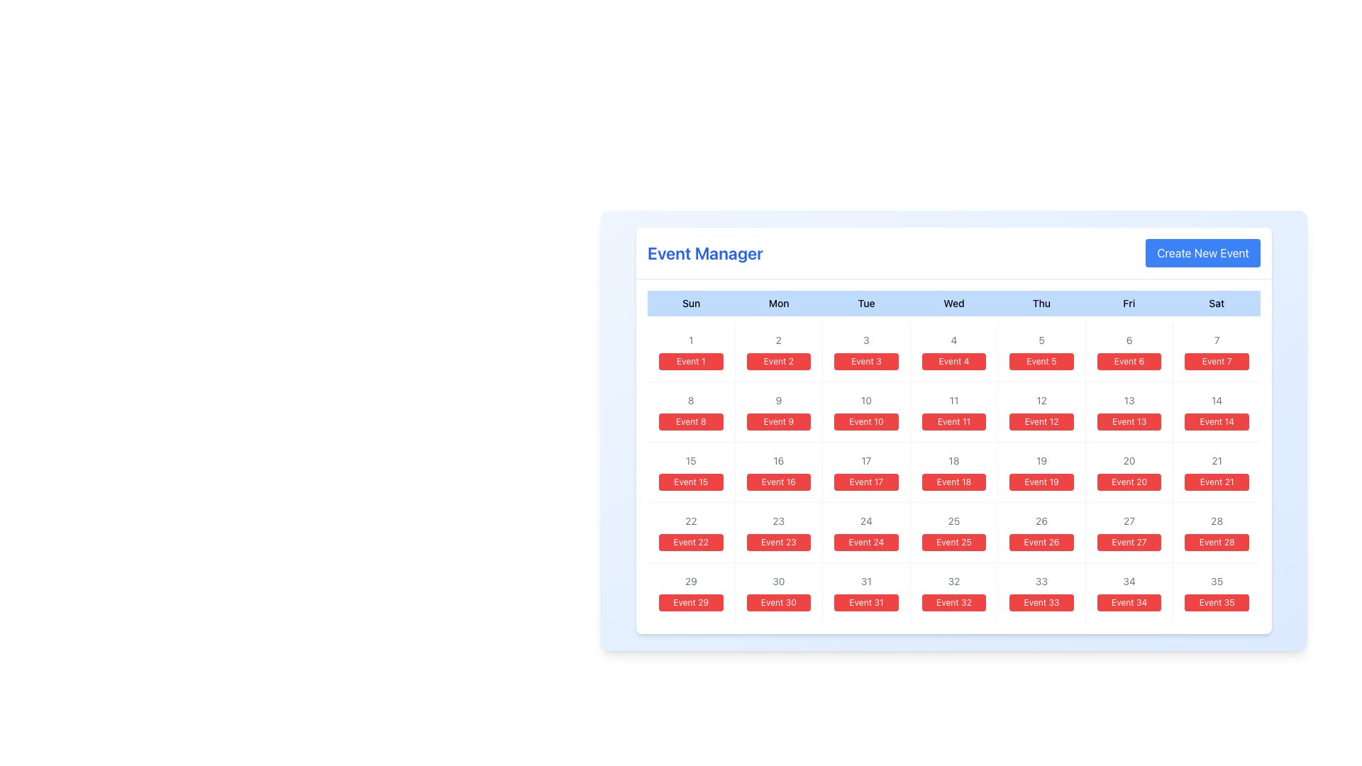  I want to click on the event label for the day in the calendar, specifically the label for the 15th day located in the 'Event Manager' interface under the 'Sun' column, so click(691, 481).